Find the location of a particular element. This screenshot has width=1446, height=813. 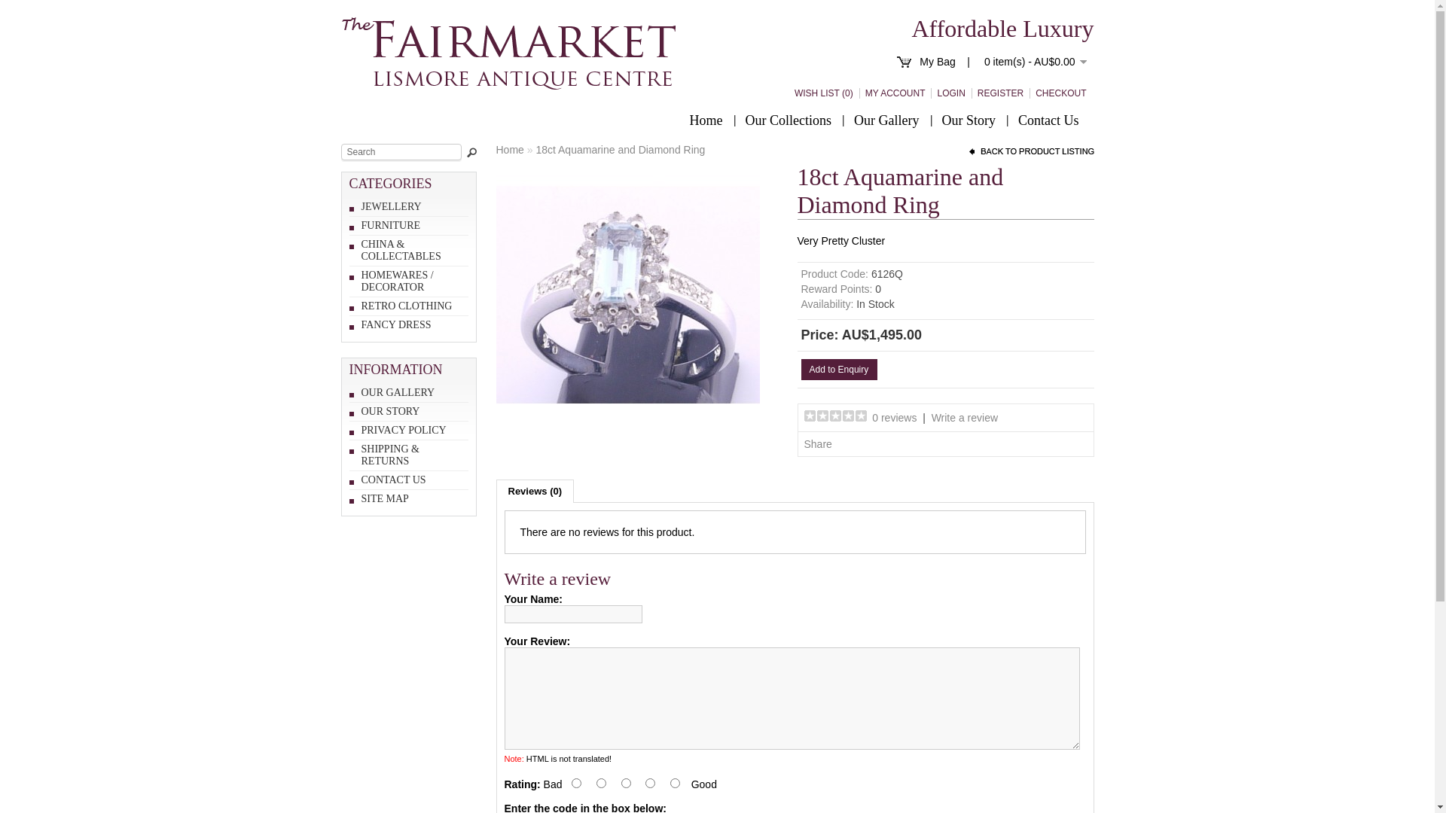

'OUR GALLERY' is located at coordinates (398, 391).